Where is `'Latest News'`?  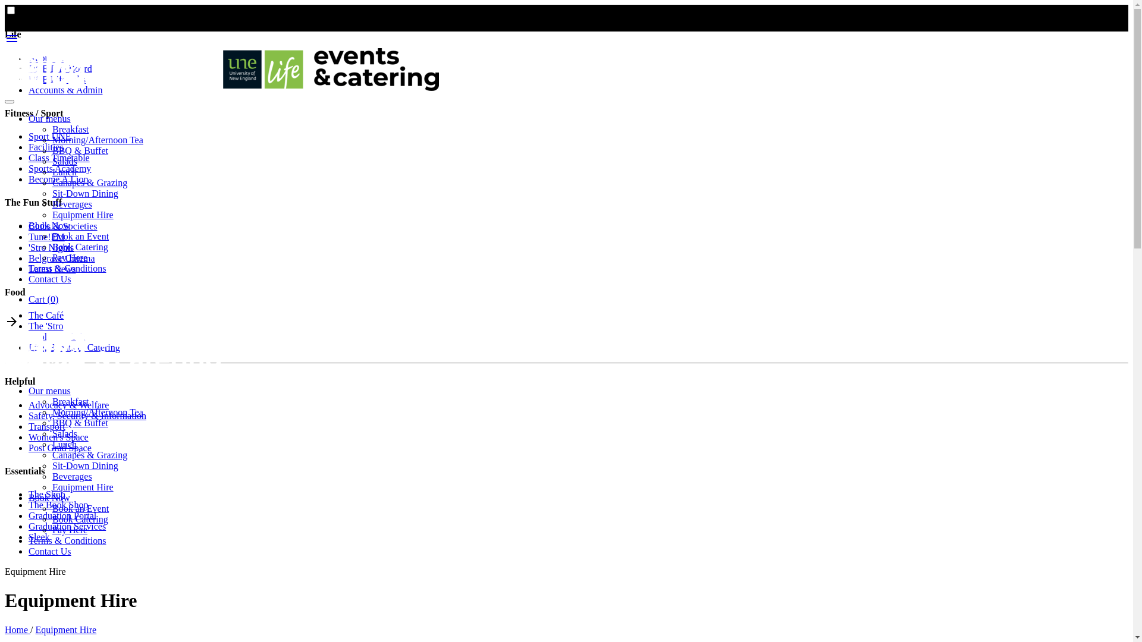
'Latest News' is located at coordinates (51, 269).